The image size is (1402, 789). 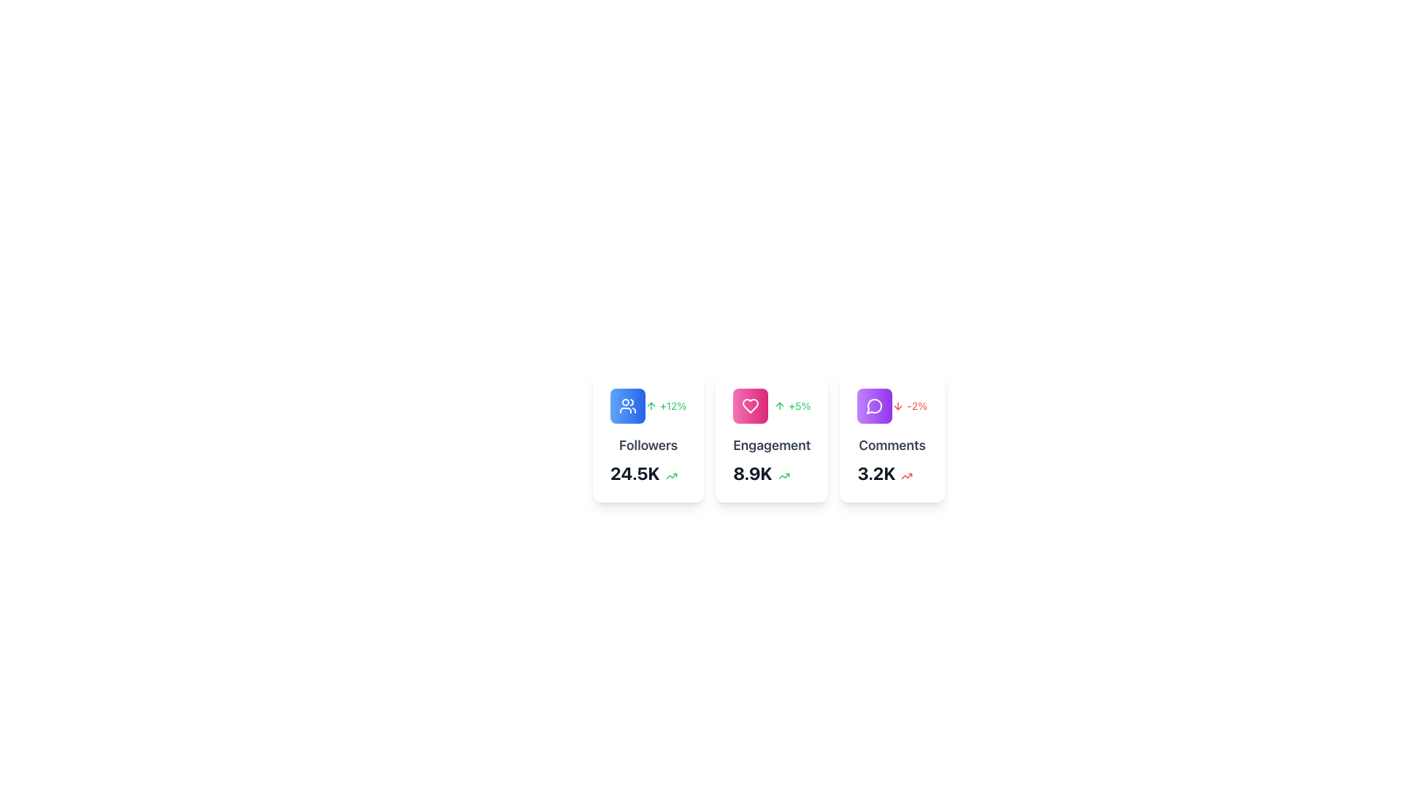 I want to click on the upward trend icon located in the bottom right corner of the 'Comments' card, which visually represents the numerical value '3.2K.', so click(x=906, y=476).